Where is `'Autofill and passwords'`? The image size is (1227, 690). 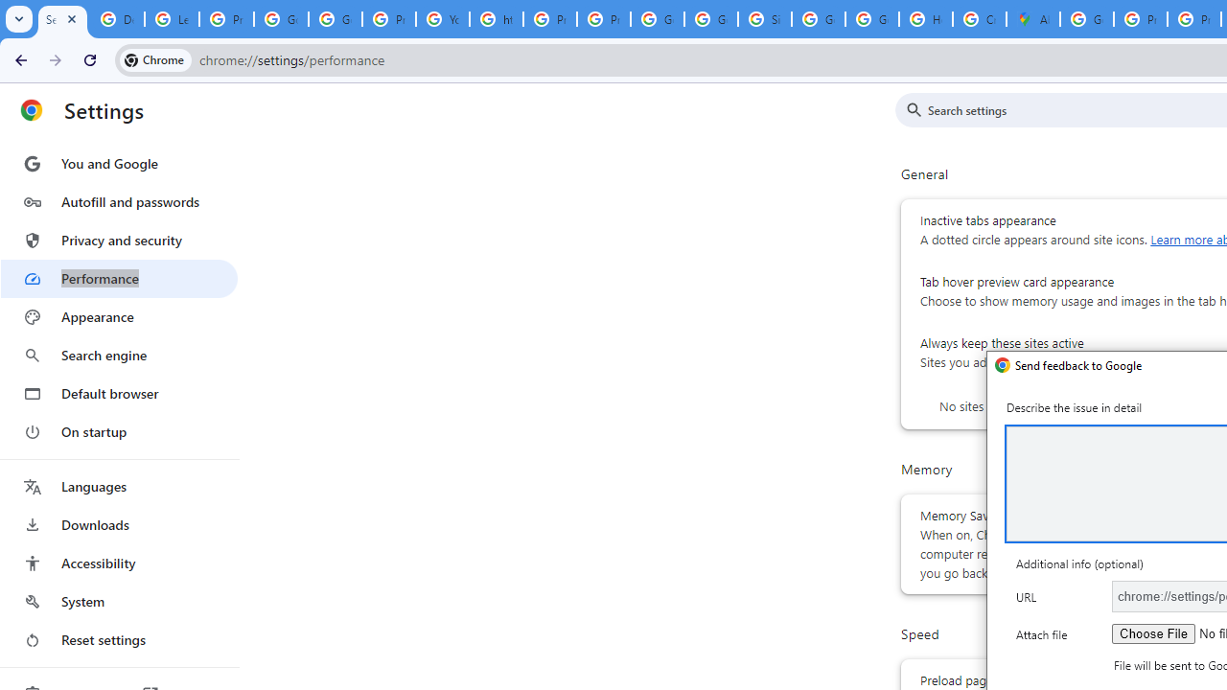 'Autofill and passwords' is located at coordinates (118, 201).